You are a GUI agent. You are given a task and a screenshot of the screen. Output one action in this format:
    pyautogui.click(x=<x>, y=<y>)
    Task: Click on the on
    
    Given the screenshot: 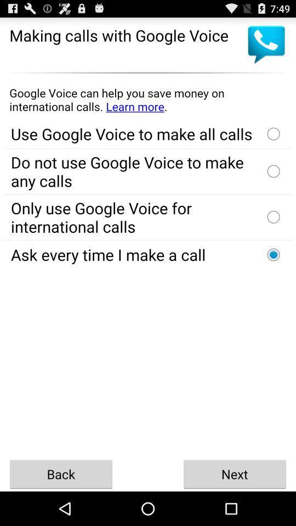 What is the action you would take?
    pyautogui.click(x=273, y=254)
    